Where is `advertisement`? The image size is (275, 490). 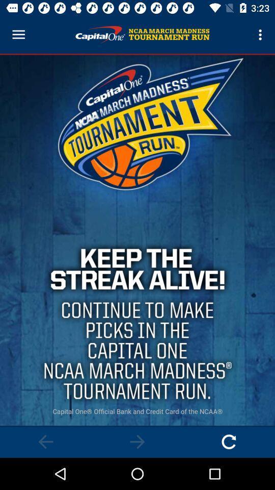
advertisement is located at coordinates (229, 441).